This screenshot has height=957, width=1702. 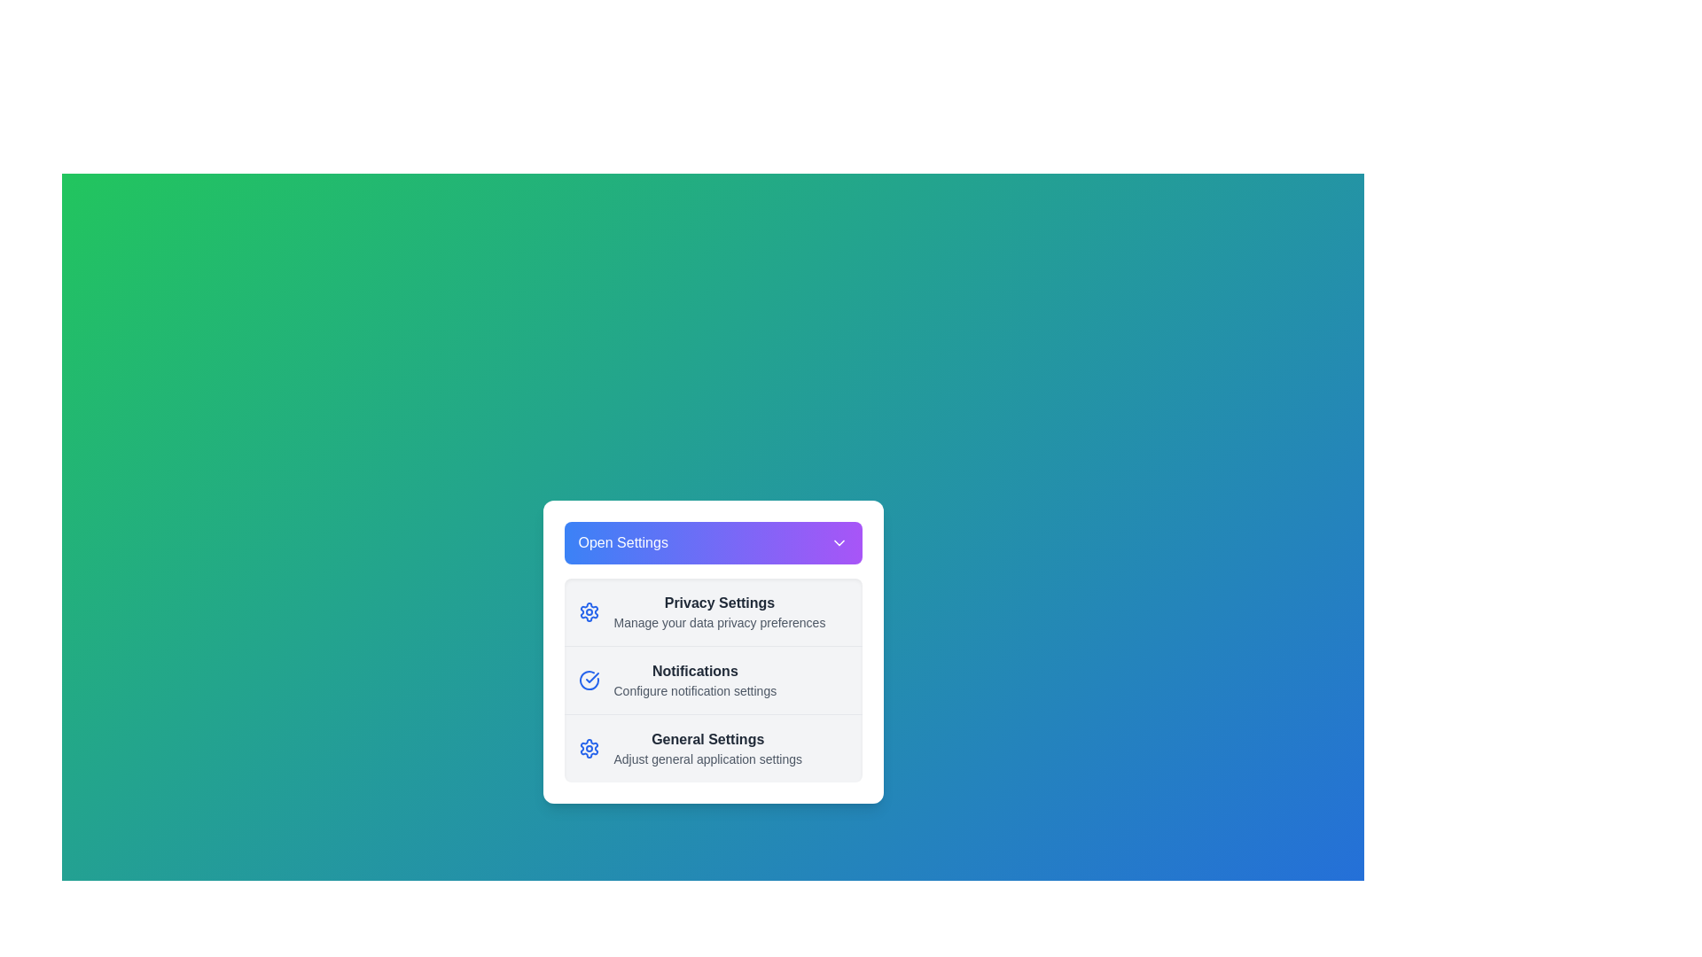 What do you see at coordinates (589, 611) in the screenshot?
I see `the icon for Privacy Settings` at bounding box center [589, 611].